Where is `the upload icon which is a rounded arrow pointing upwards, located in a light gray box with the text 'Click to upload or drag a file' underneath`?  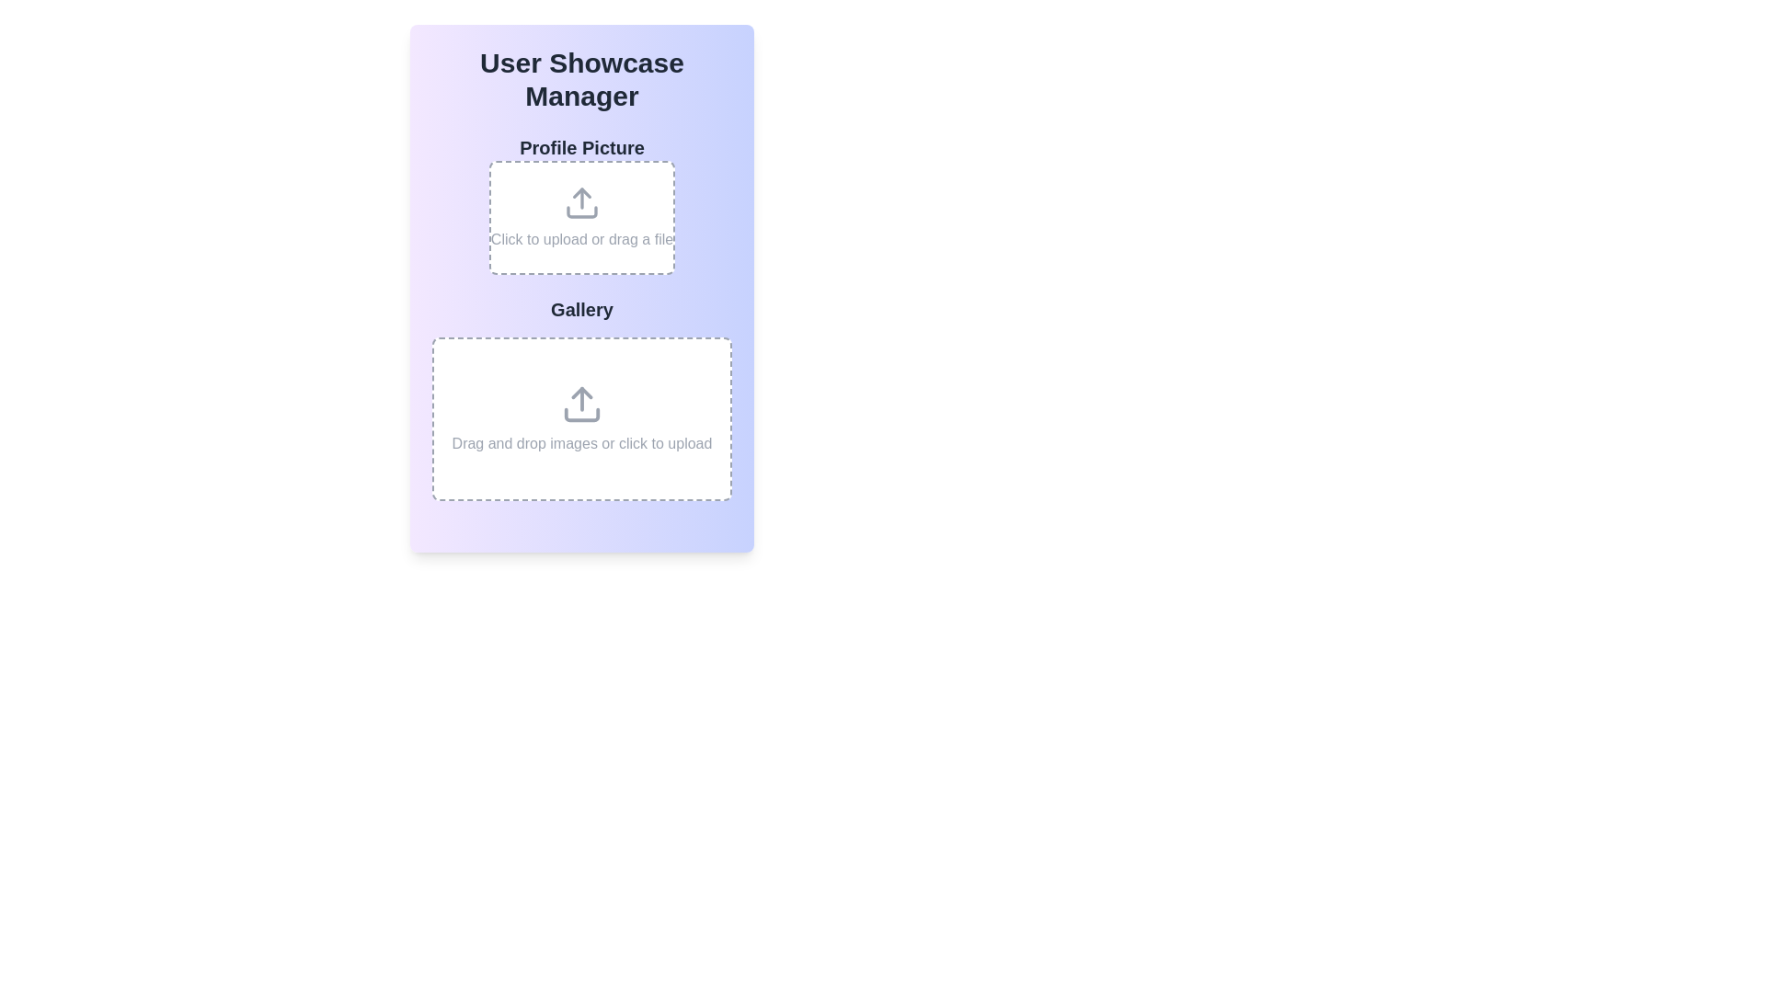 the upload icon which is a rounded arrow pointing upwards, located in a light gray box with the text 'Click to upload or drag a file' underneath is located at coordinates (581, 202).